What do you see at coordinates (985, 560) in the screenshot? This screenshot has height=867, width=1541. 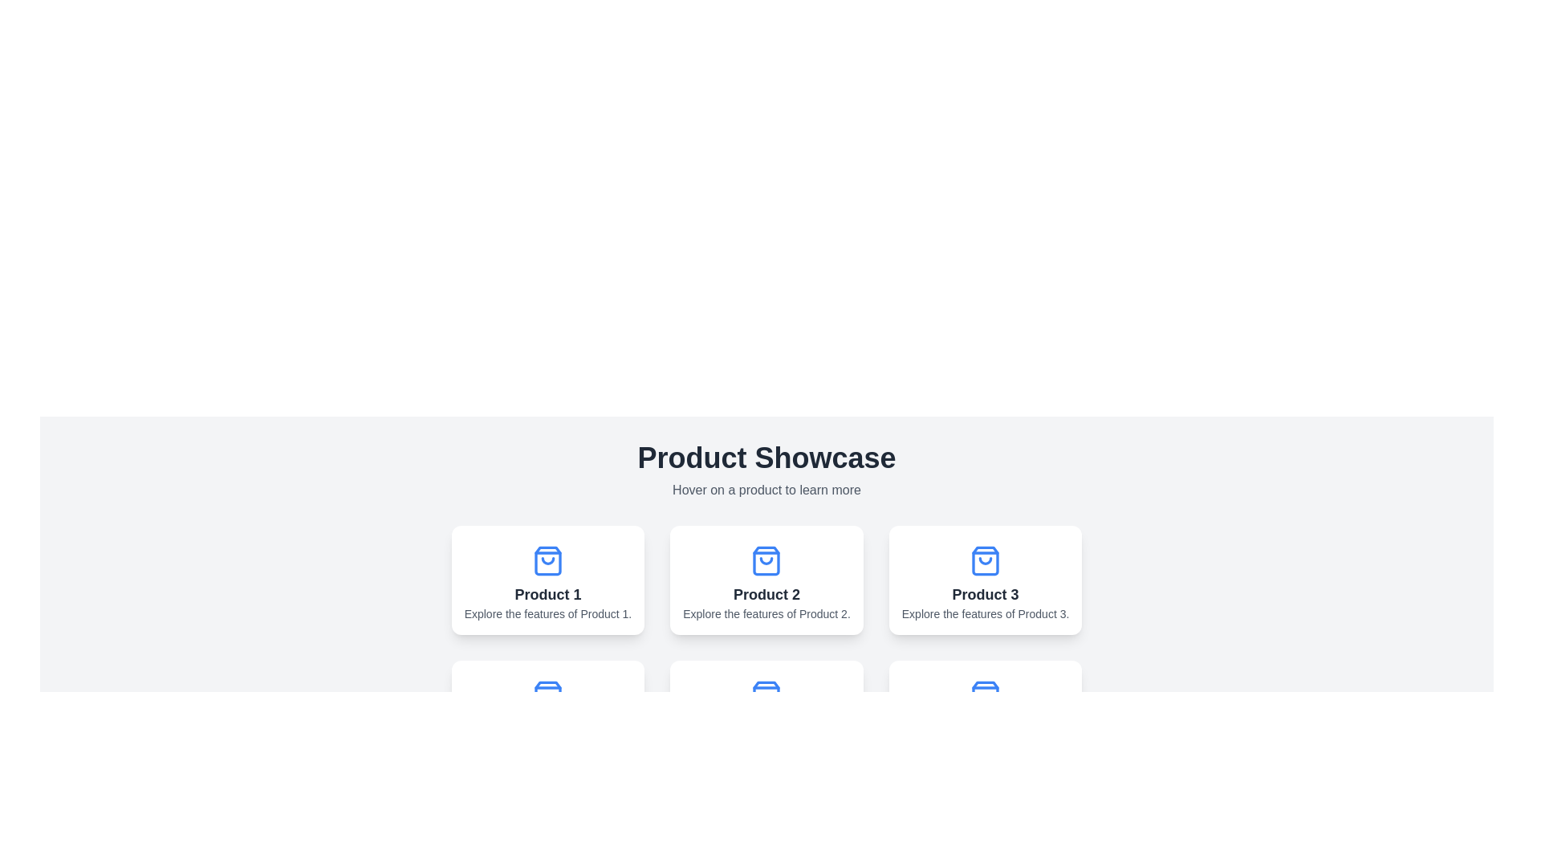 I see `the decorative shopping bag icon for 'Product 3'` at bounding box center [985, 560].